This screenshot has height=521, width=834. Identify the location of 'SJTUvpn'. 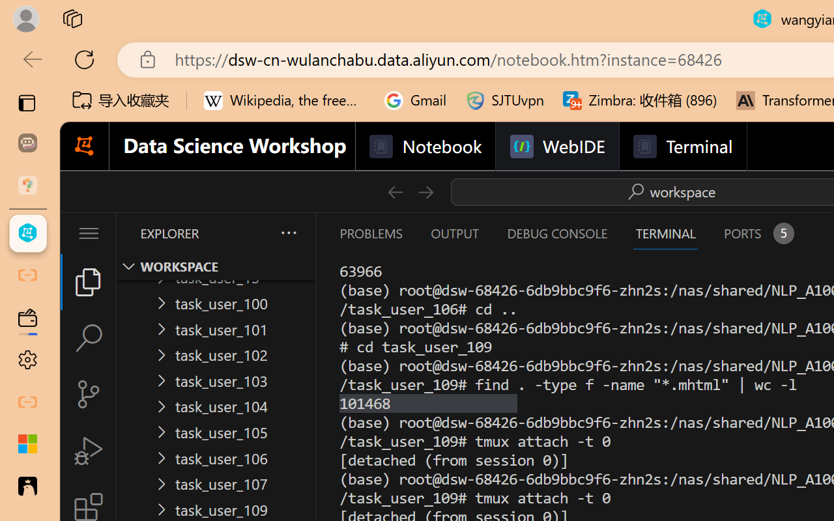
(504, 100).